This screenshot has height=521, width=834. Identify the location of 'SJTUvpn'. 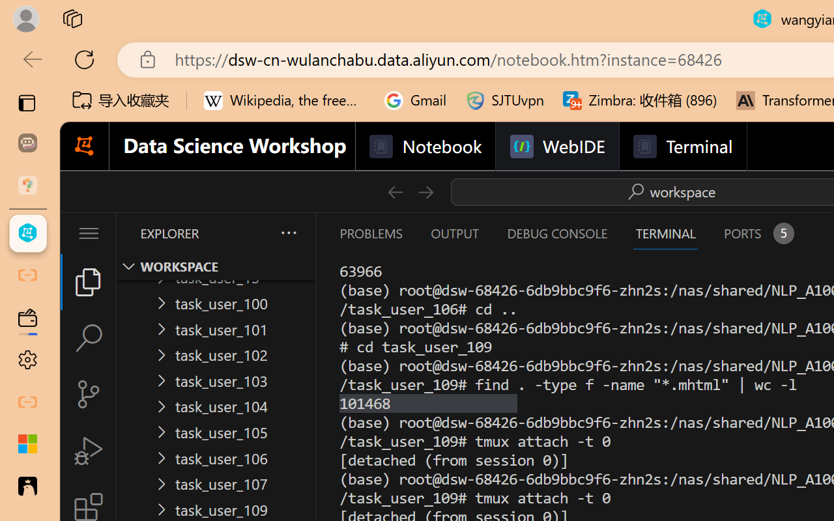
(504, 100).